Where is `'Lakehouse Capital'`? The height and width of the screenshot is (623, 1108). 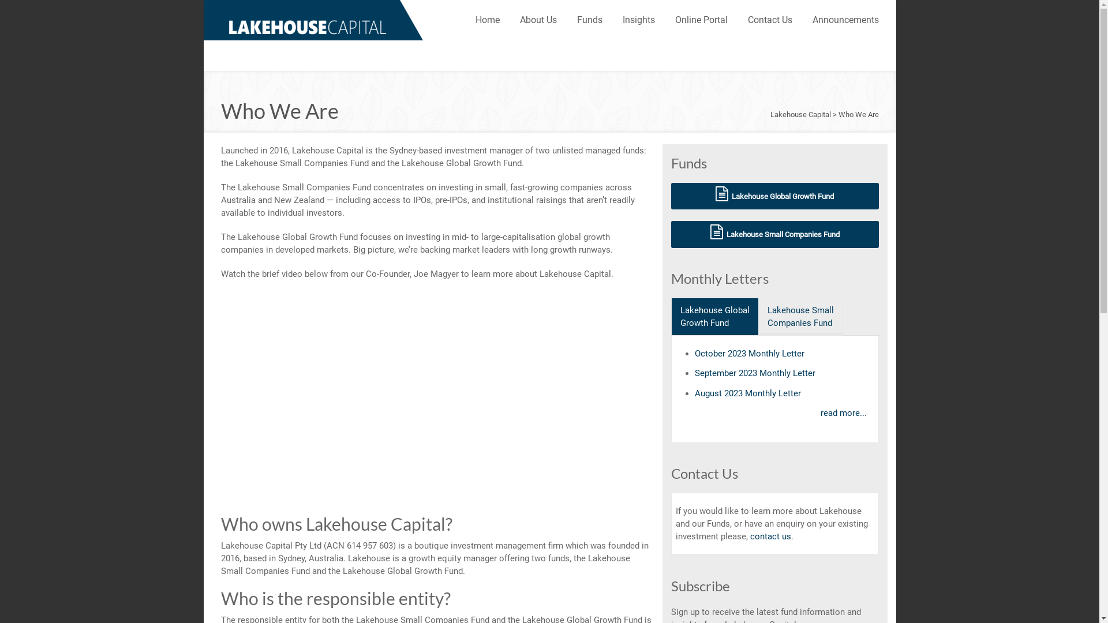
'Lakehouse Capital' is located at coordinates (799, 114).